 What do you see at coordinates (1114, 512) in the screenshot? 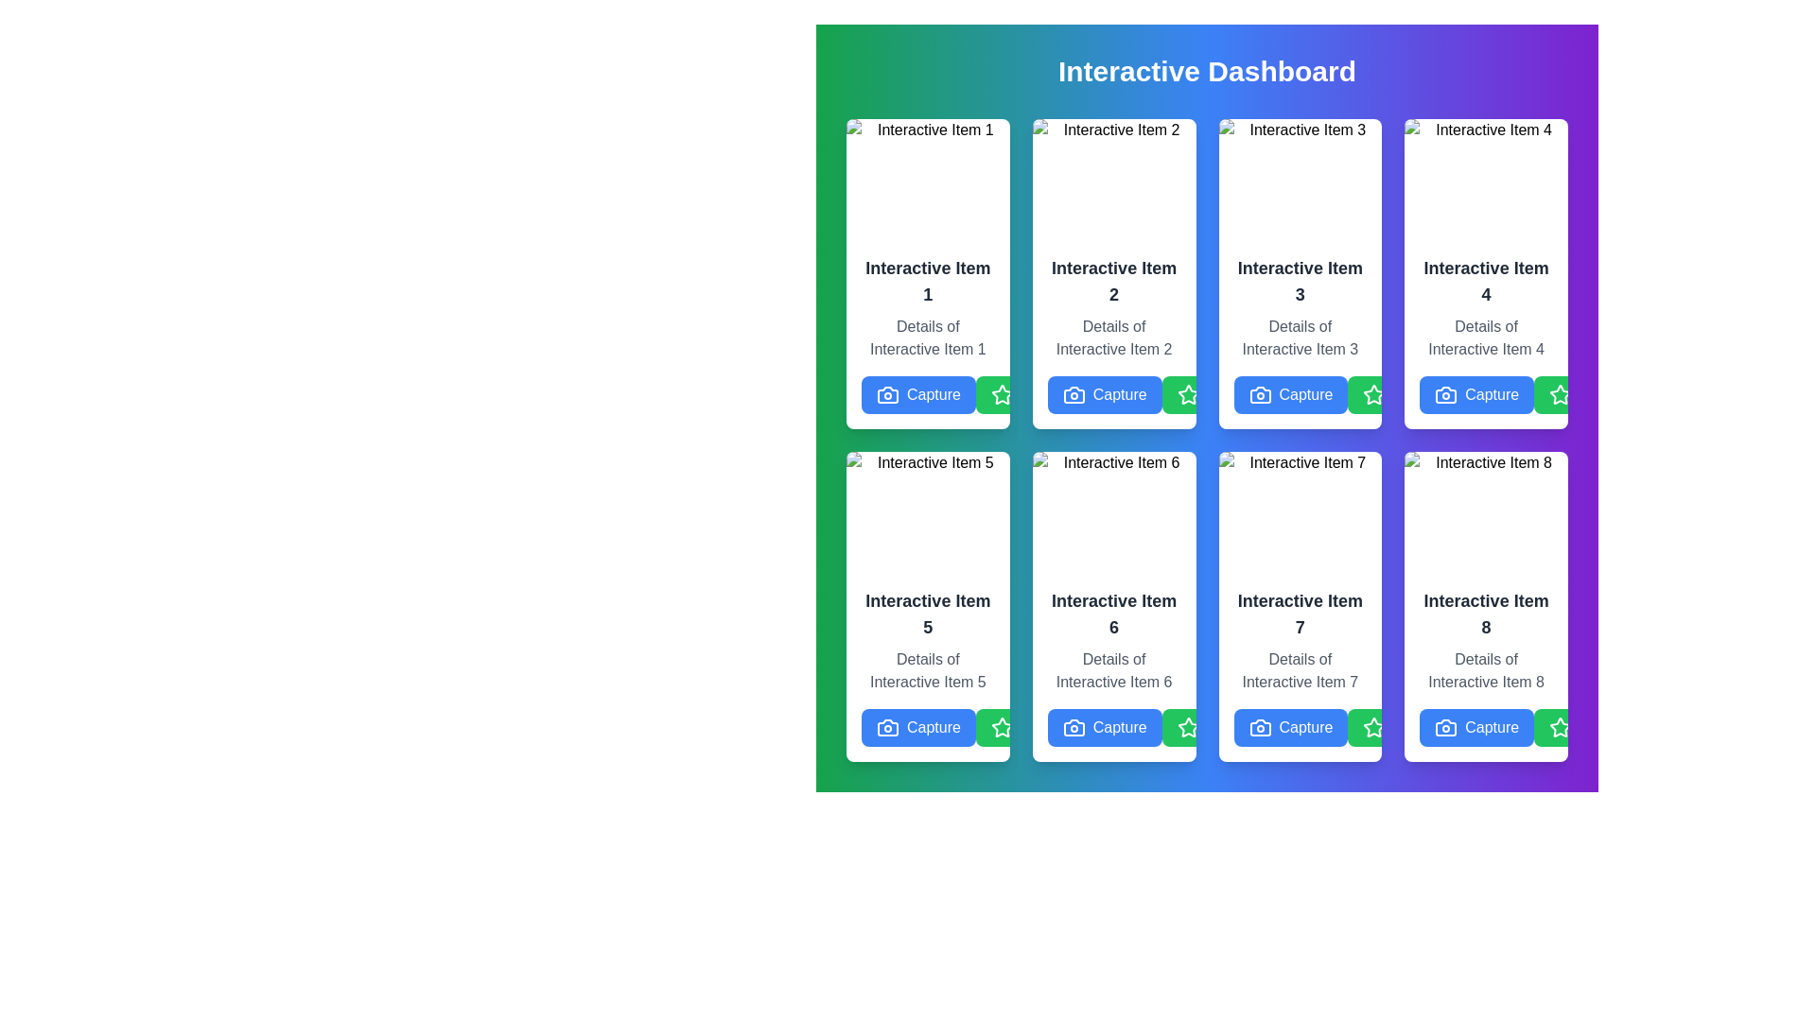
I see `image labeled 'Item 6' which is displayed in the top section of the card titled 'Interactive Item 6' located in the second row and second column of the grid layout` at bounding box center [1114, 512].